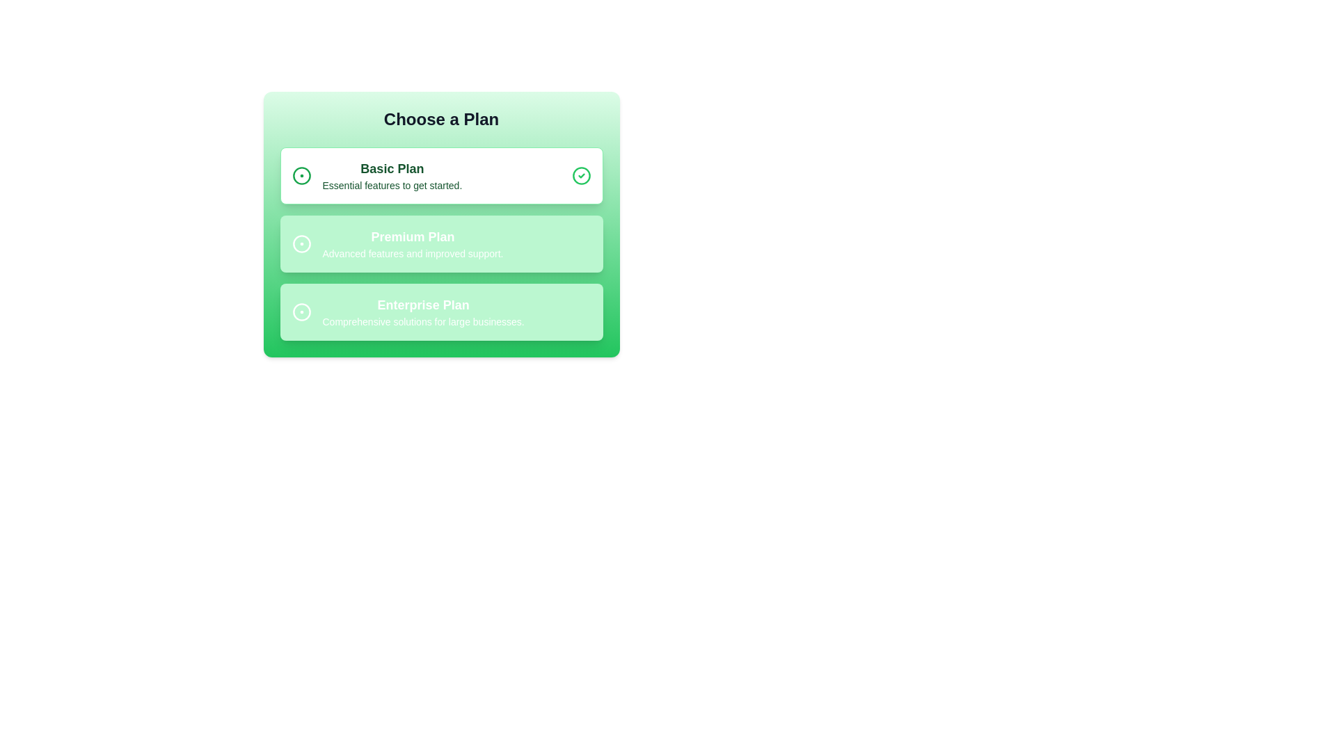 The width and height of the screenshot is (1336, 751). Describe the element at coordinates (301, 311) in the screenshot. I see `the circular green radio button indicator for the 'Enterprise Plan'` at that location.